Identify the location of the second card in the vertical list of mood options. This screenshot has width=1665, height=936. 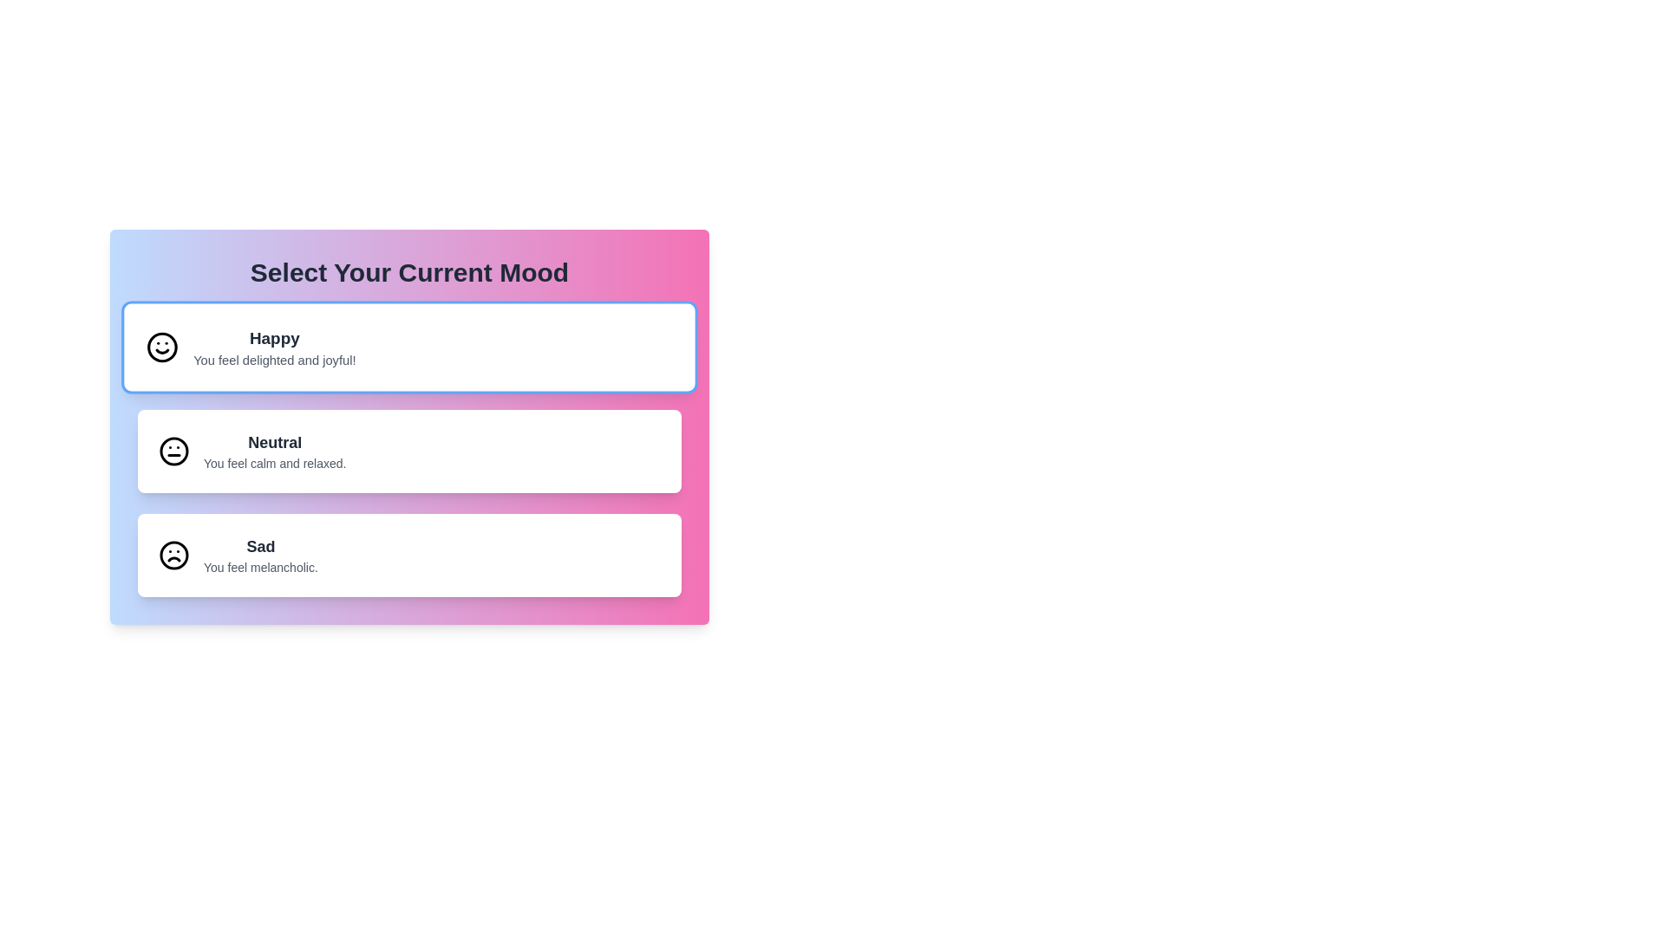
(408, 450).